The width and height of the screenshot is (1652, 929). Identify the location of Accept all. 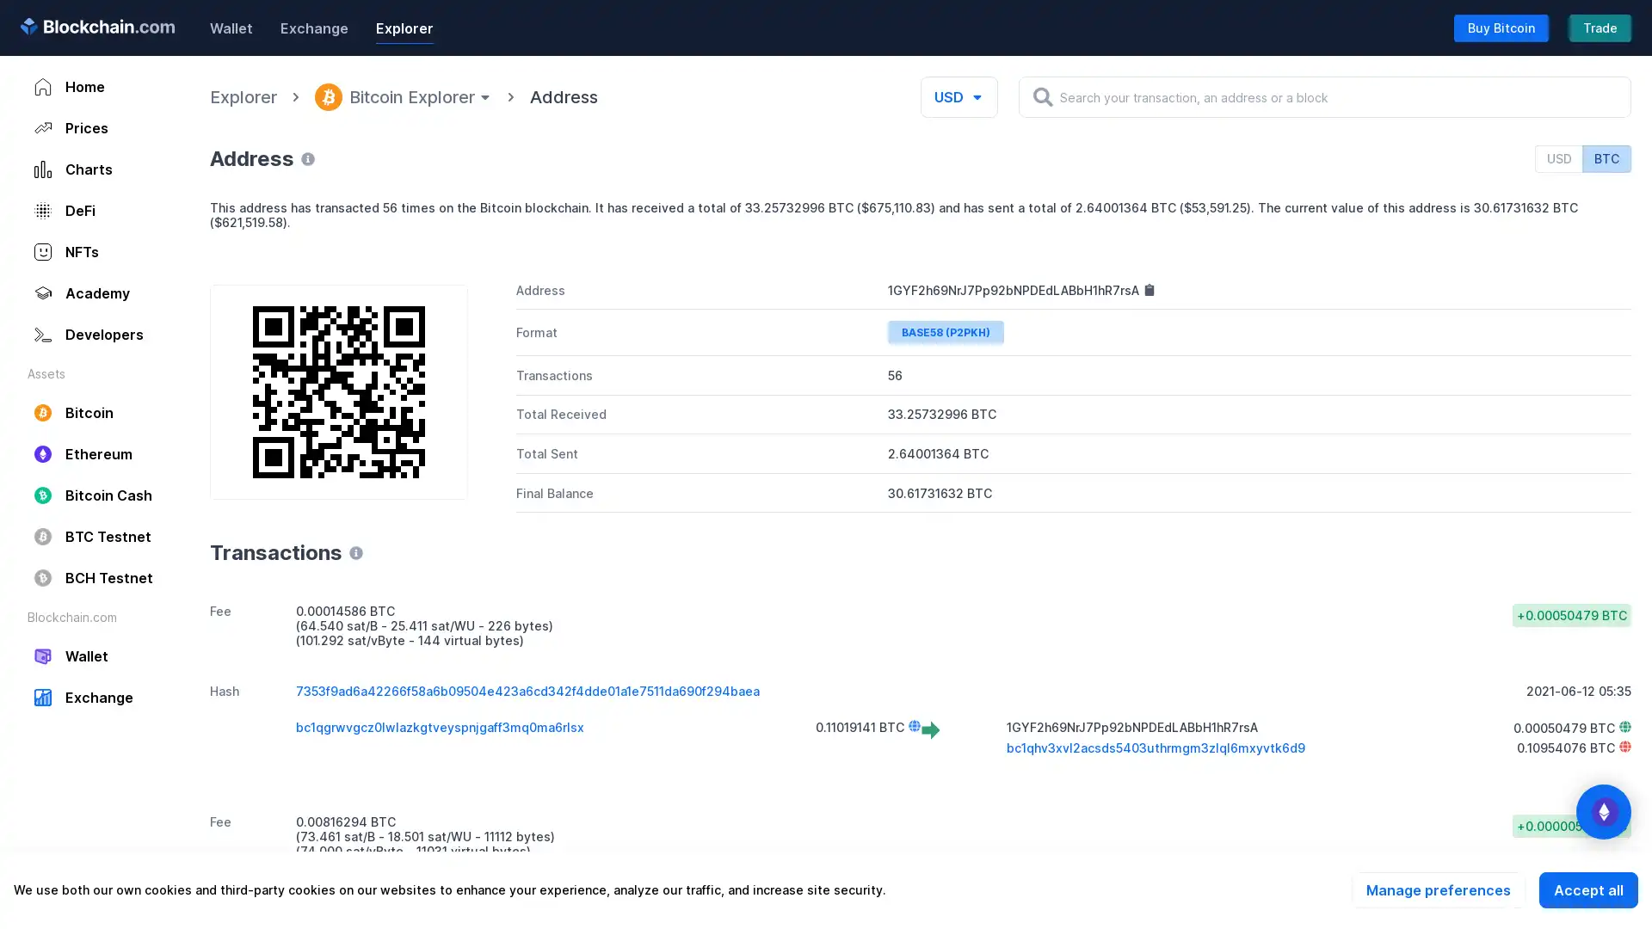
(1587, 889).